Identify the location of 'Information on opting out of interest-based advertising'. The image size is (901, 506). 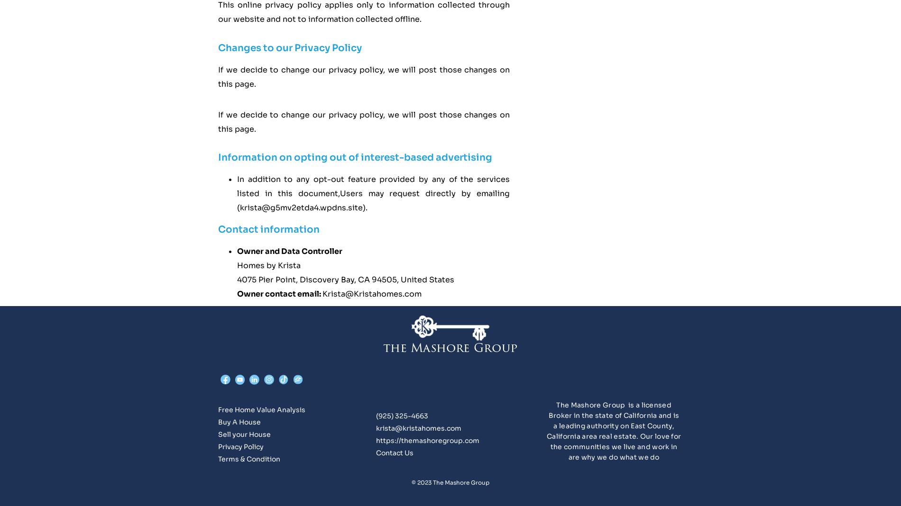
(354, 157).